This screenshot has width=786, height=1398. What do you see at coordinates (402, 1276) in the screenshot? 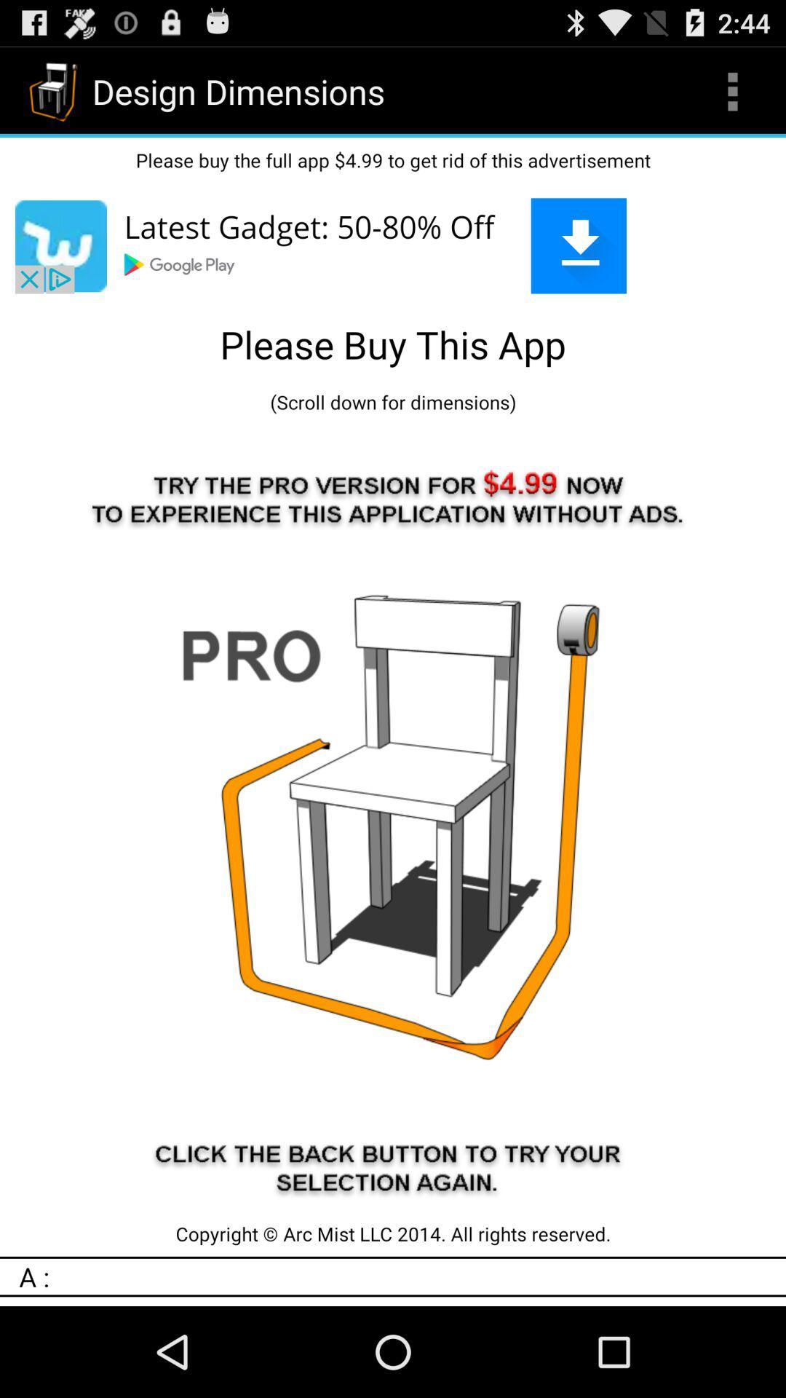
I see `icon below copyright arc mist` at bounding box center [402, 1276].